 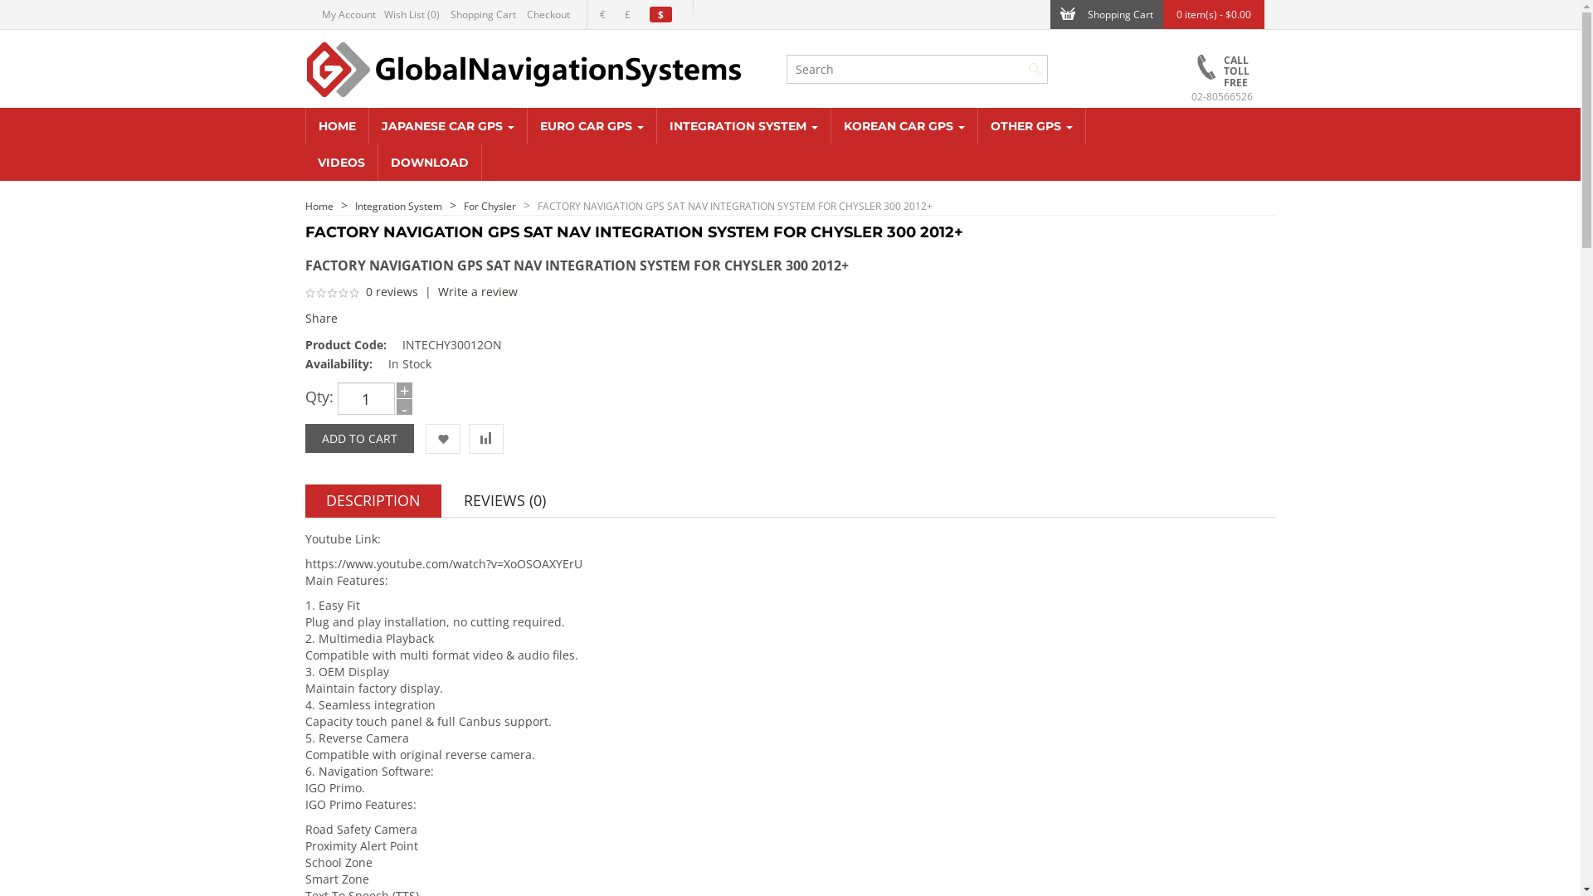 What do you see at coordinates (373, 500) in the screenshot?
I see `'DESCRIPTION'` at bounding box center [373, 500].